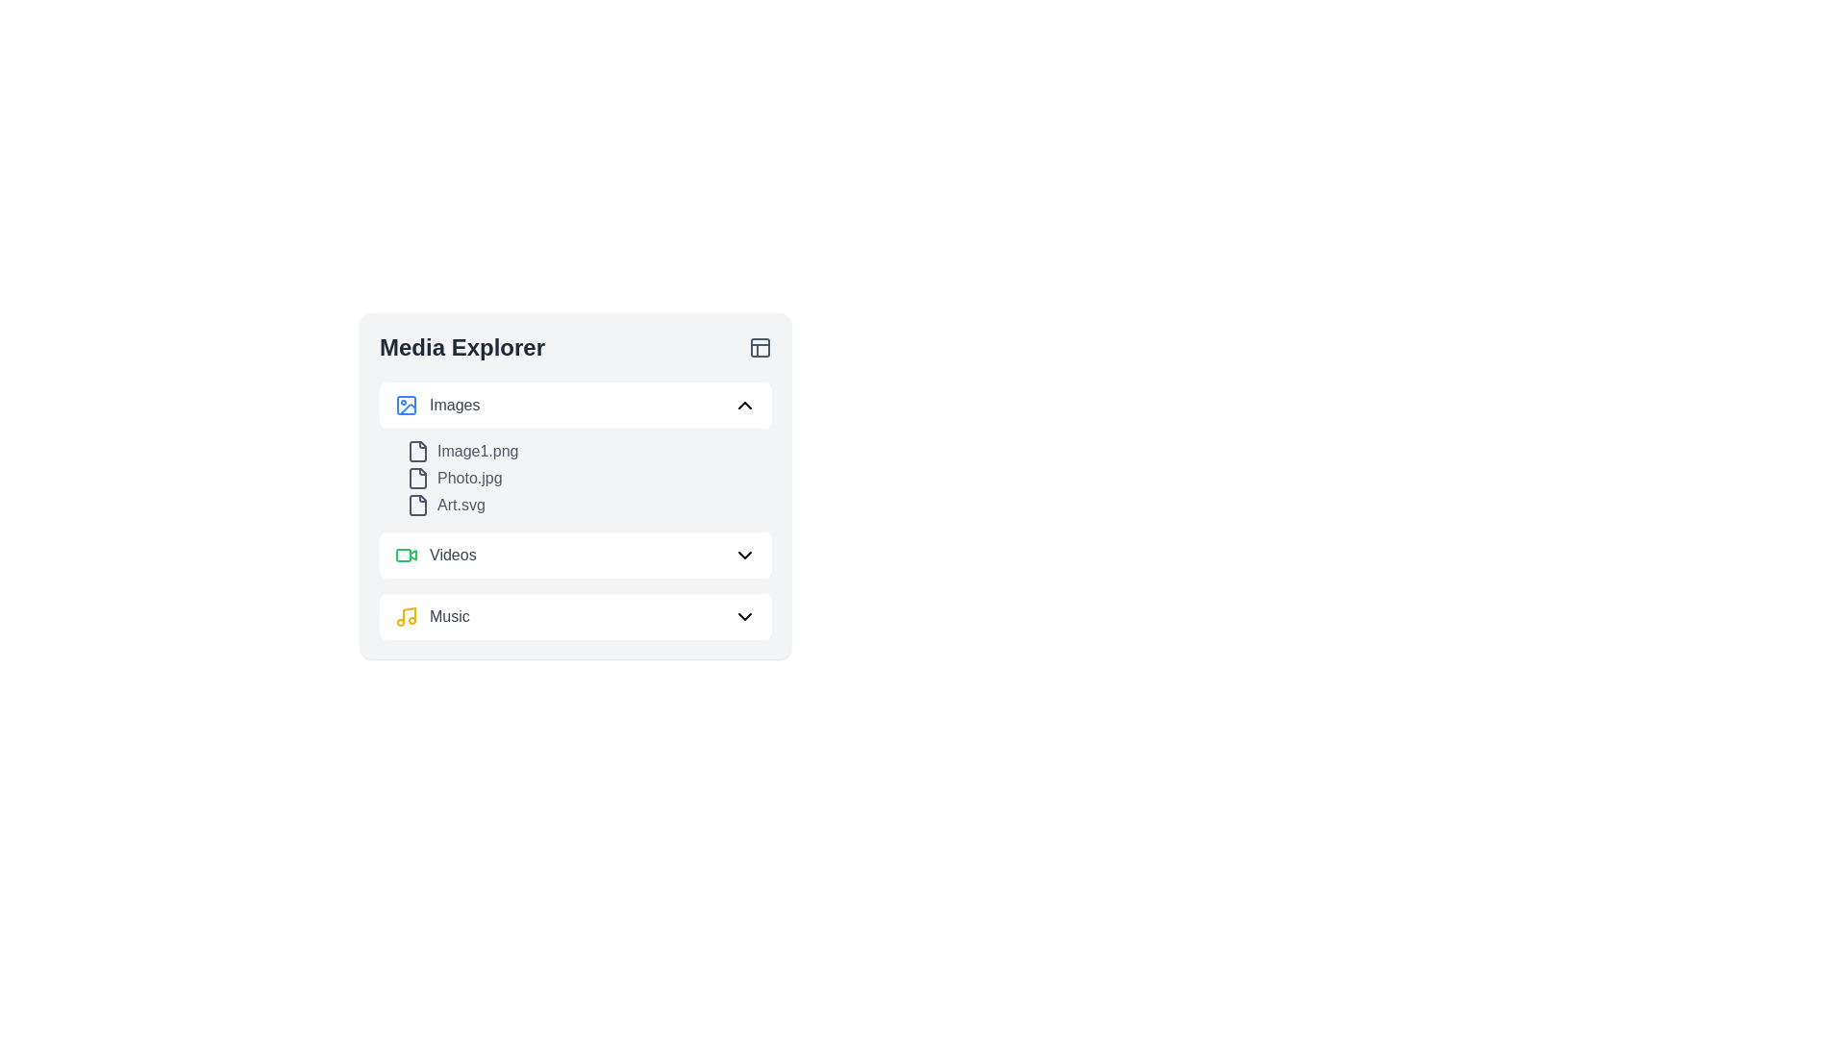 The image size is (1846, 1038). Describe the element at coordinates (743, 616) in the screenshot. I see `the down-facing chevron arrow icon located on the rightmost side of the 'Music' list item in the Media Explorer` at that location.